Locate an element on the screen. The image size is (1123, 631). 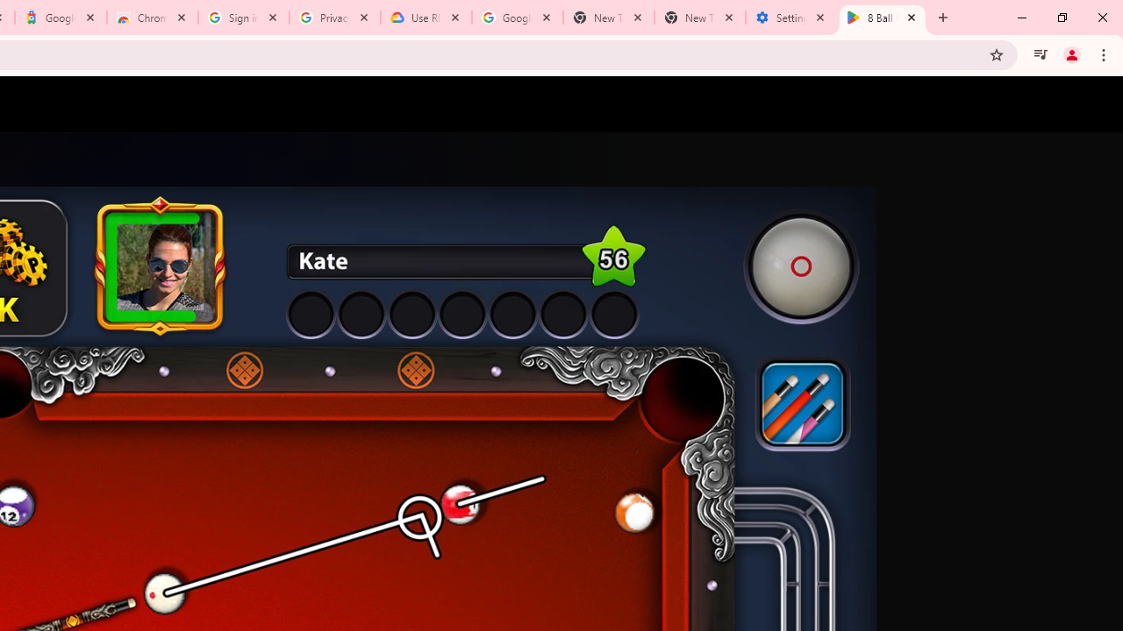
'Chrome Web Store - Color themes by Chrome' is located at coordinates (153, 18).